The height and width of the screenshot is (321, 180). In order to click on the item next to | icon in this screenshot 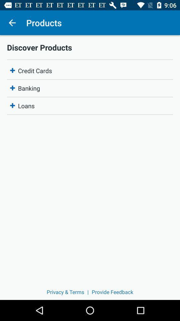, I will do `click(65, 292)`.